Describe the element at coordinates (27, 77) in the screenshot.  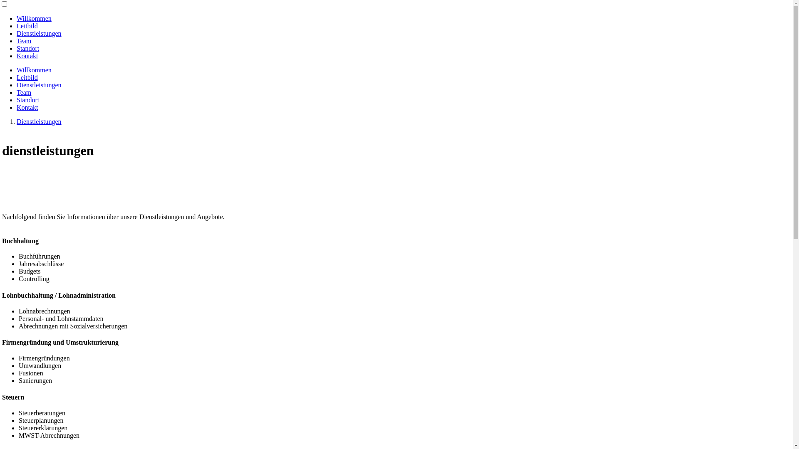
I see `'Leitbild'` at that location.